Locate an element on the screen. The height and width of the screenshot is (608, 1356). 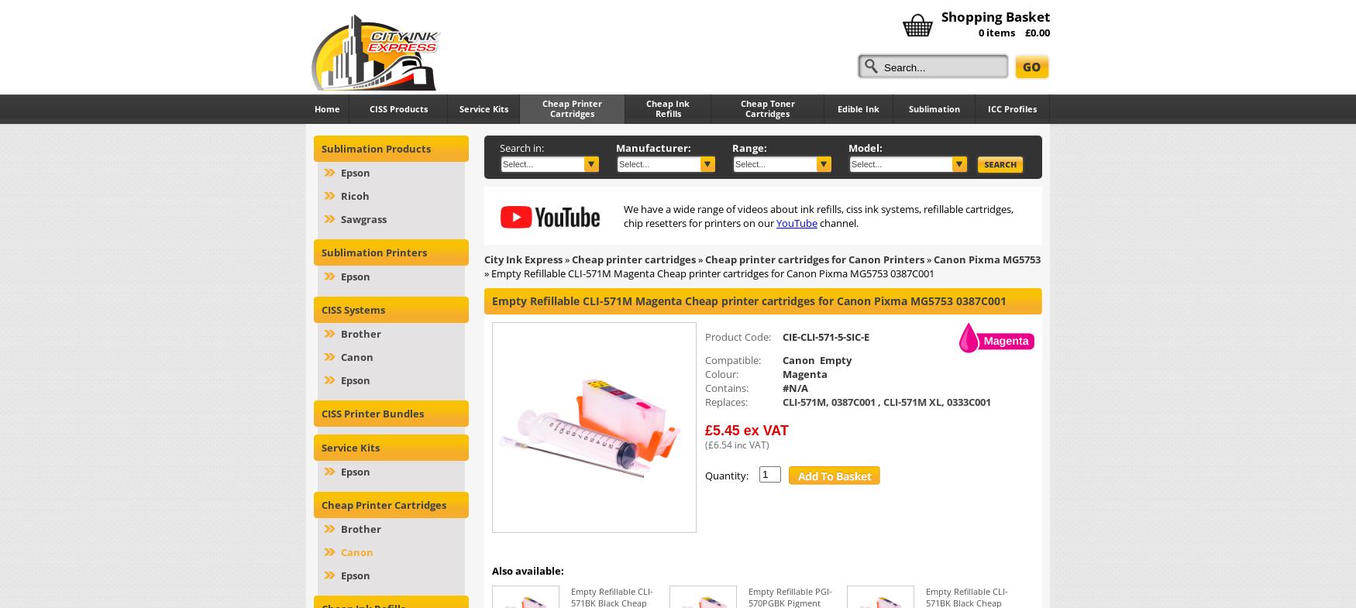
'Shopping Basket' is located at coordinates (995, 15).